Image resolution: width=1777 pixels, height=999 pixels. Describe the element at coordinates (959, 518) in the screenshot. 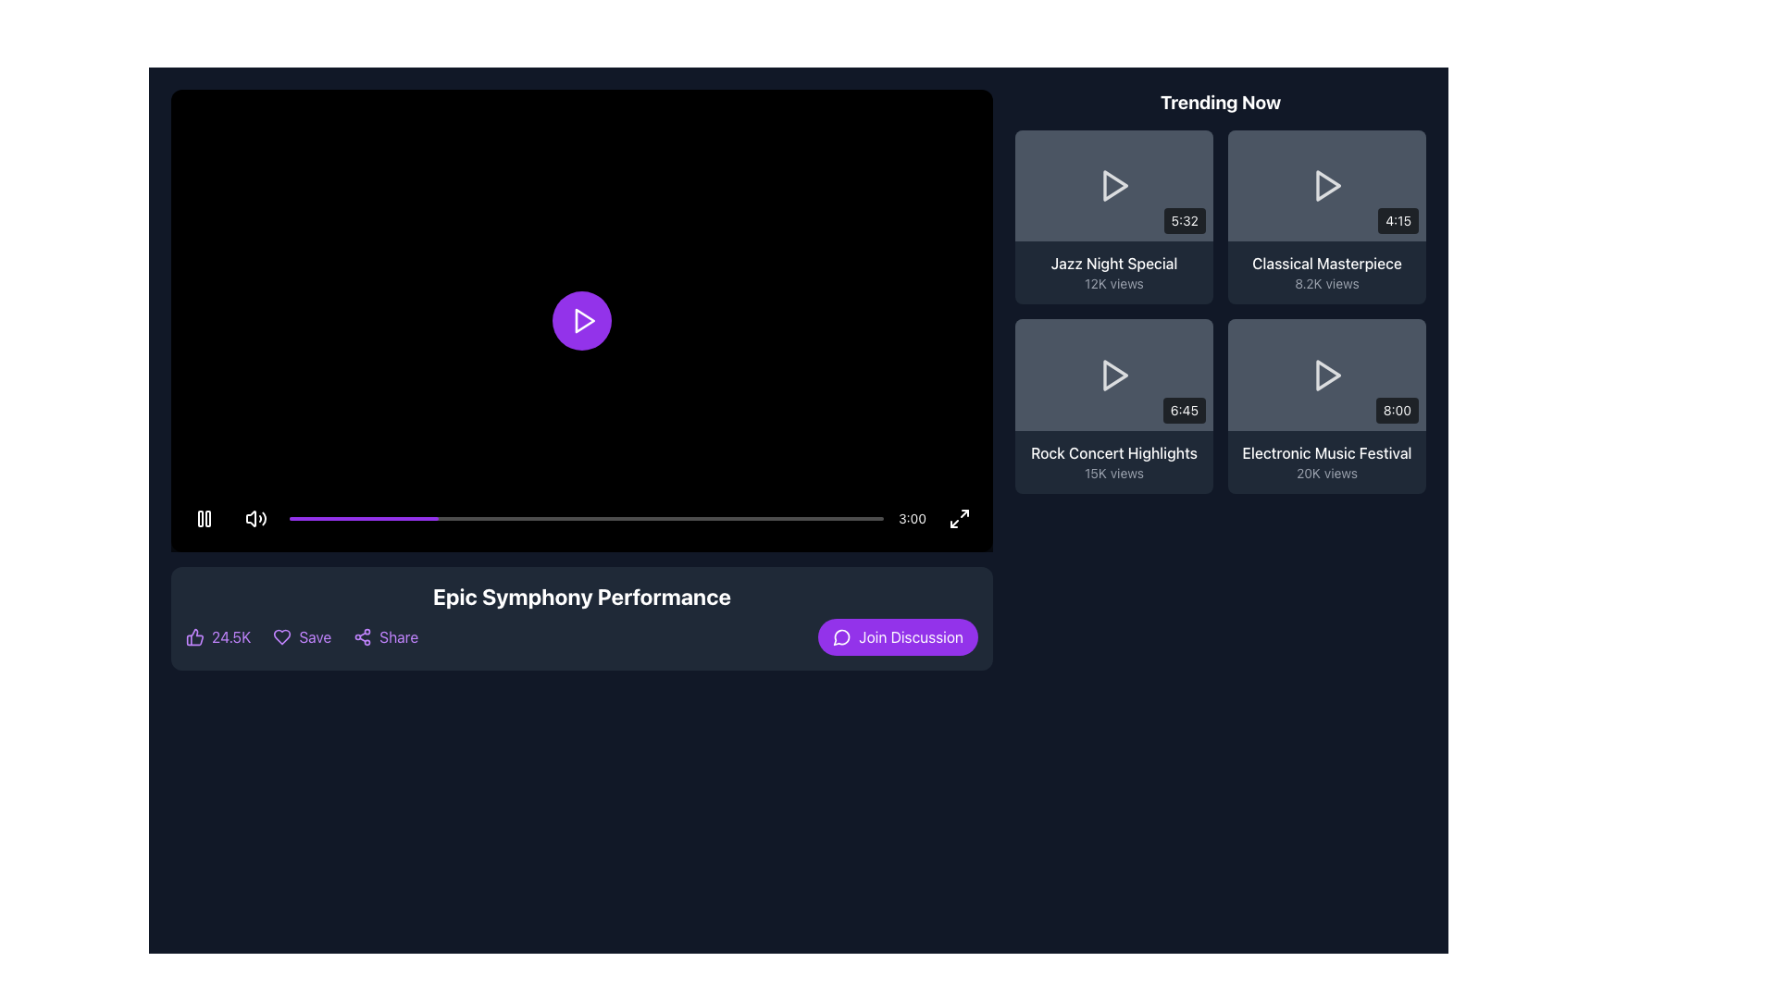

I see `the circular maximization button located at the far-right corner of the horizontal bar to maximize or restore the video display` at that location.